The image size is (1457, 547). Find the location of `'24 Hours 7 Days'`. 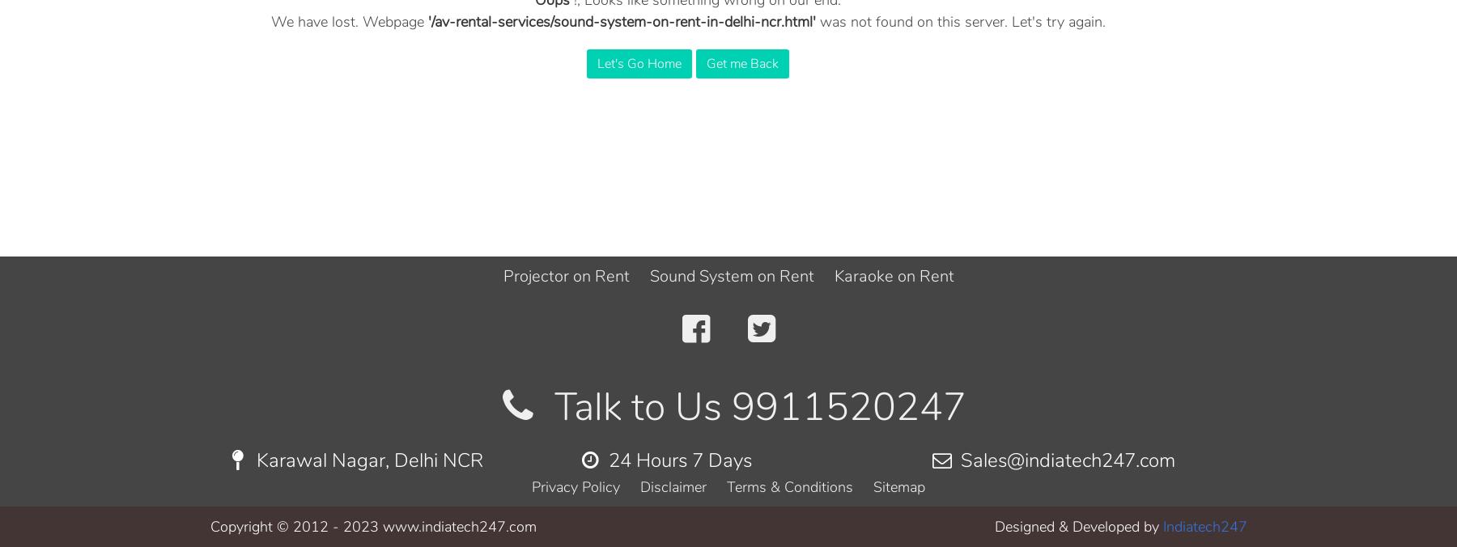

'24 Hours 7 Days' is located at coordinates (678, 459).